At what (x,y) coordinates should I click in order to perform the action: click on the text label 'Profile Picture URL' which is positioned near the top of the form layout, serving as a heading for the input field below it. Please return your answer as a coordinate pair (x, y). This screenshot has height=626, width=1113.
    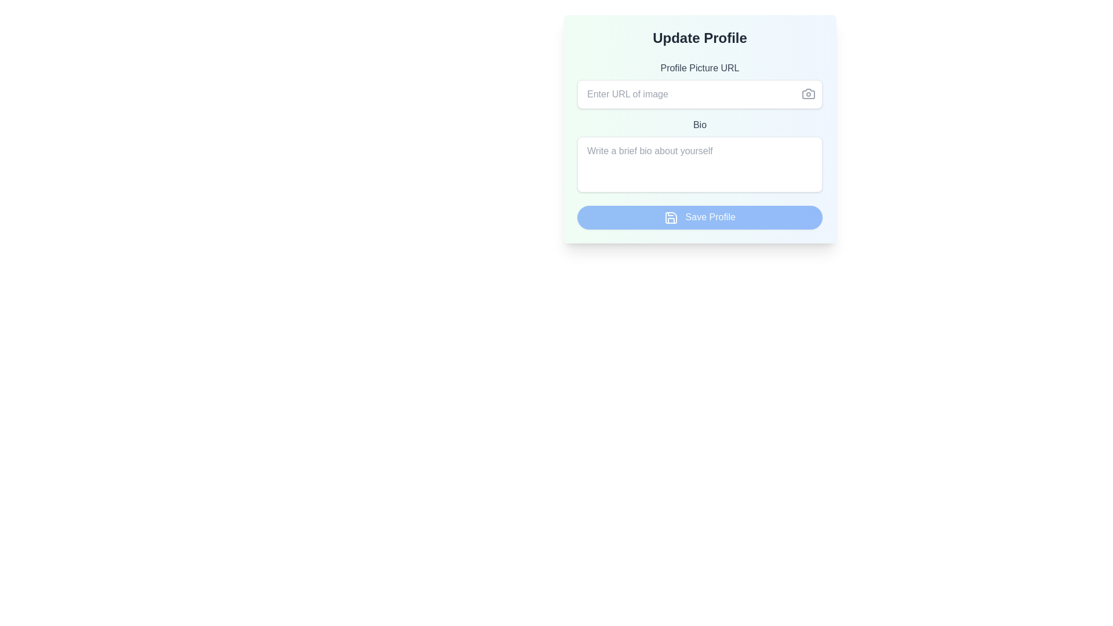
    Looking at the image, I should click on (699, 68).